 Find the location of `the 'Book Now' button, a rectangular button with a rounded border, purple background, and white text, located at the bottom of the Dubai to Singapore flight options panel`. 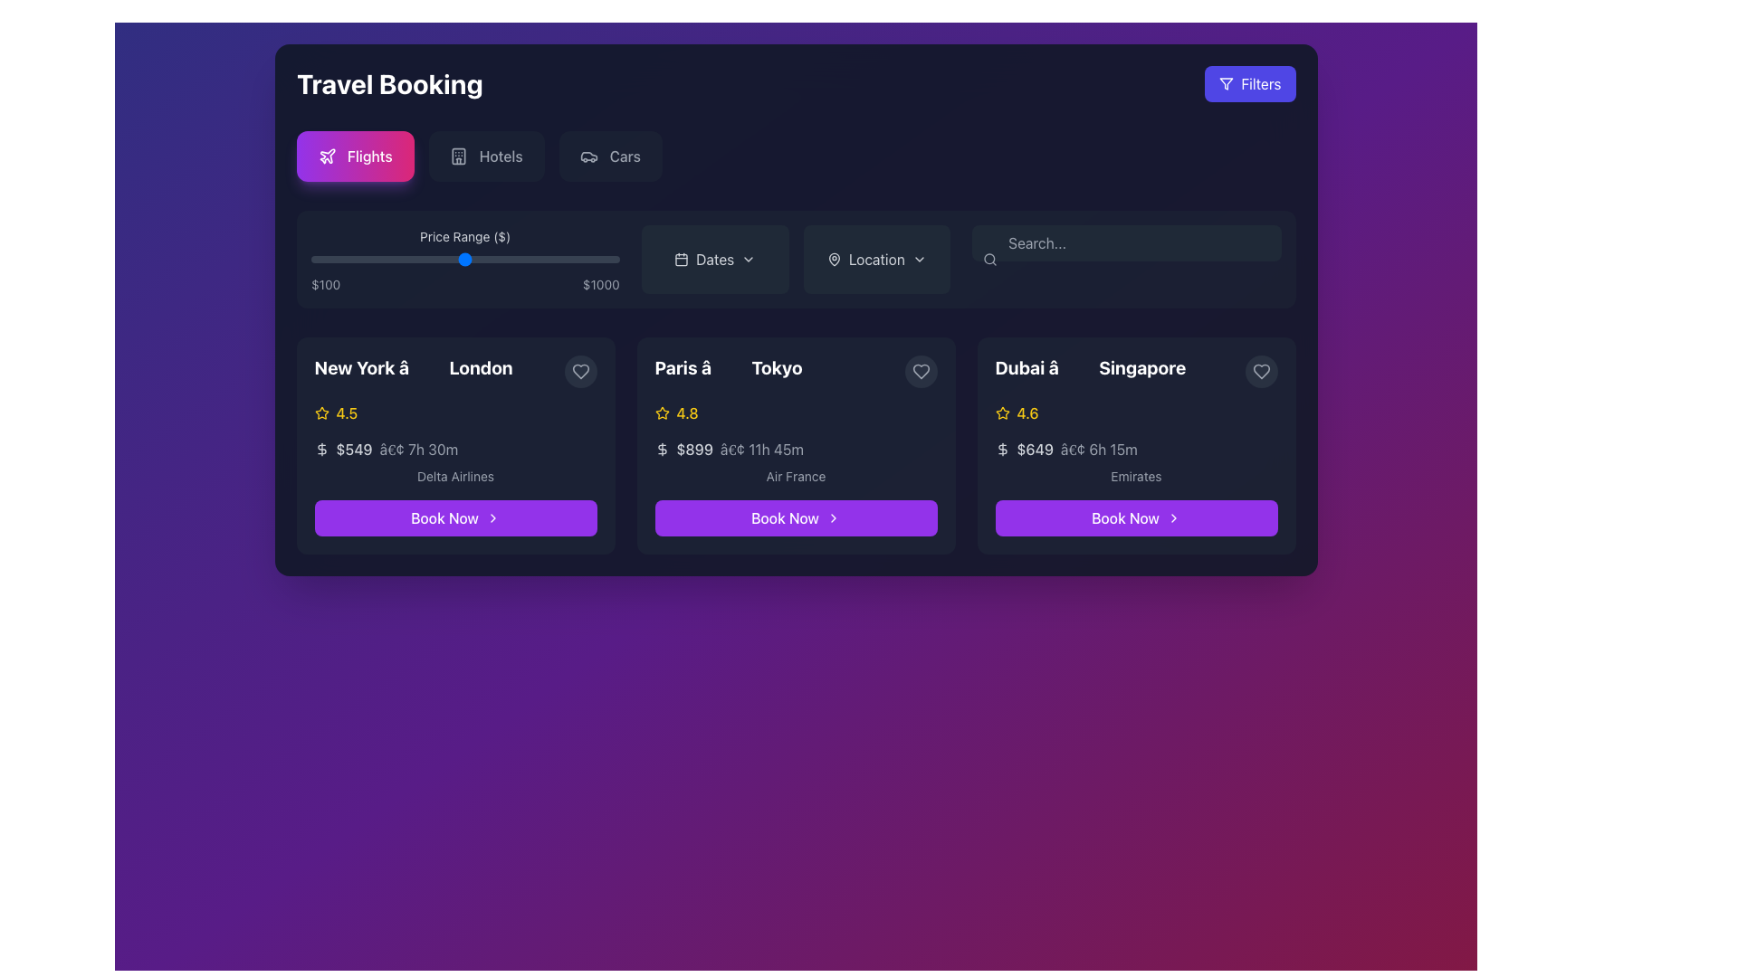

the 'Book Now' button, a rectangular button with a rounded border, purple background, and white text, located at the bottom of the Dubai to Singapore flight options panel is located at coordinates (1135, 518).